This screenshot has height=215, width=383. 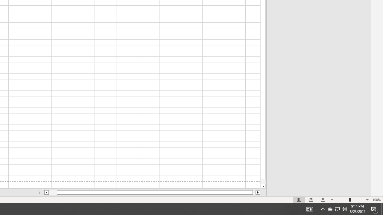 I want to click on 'Page down', so click(x=263, y=181).